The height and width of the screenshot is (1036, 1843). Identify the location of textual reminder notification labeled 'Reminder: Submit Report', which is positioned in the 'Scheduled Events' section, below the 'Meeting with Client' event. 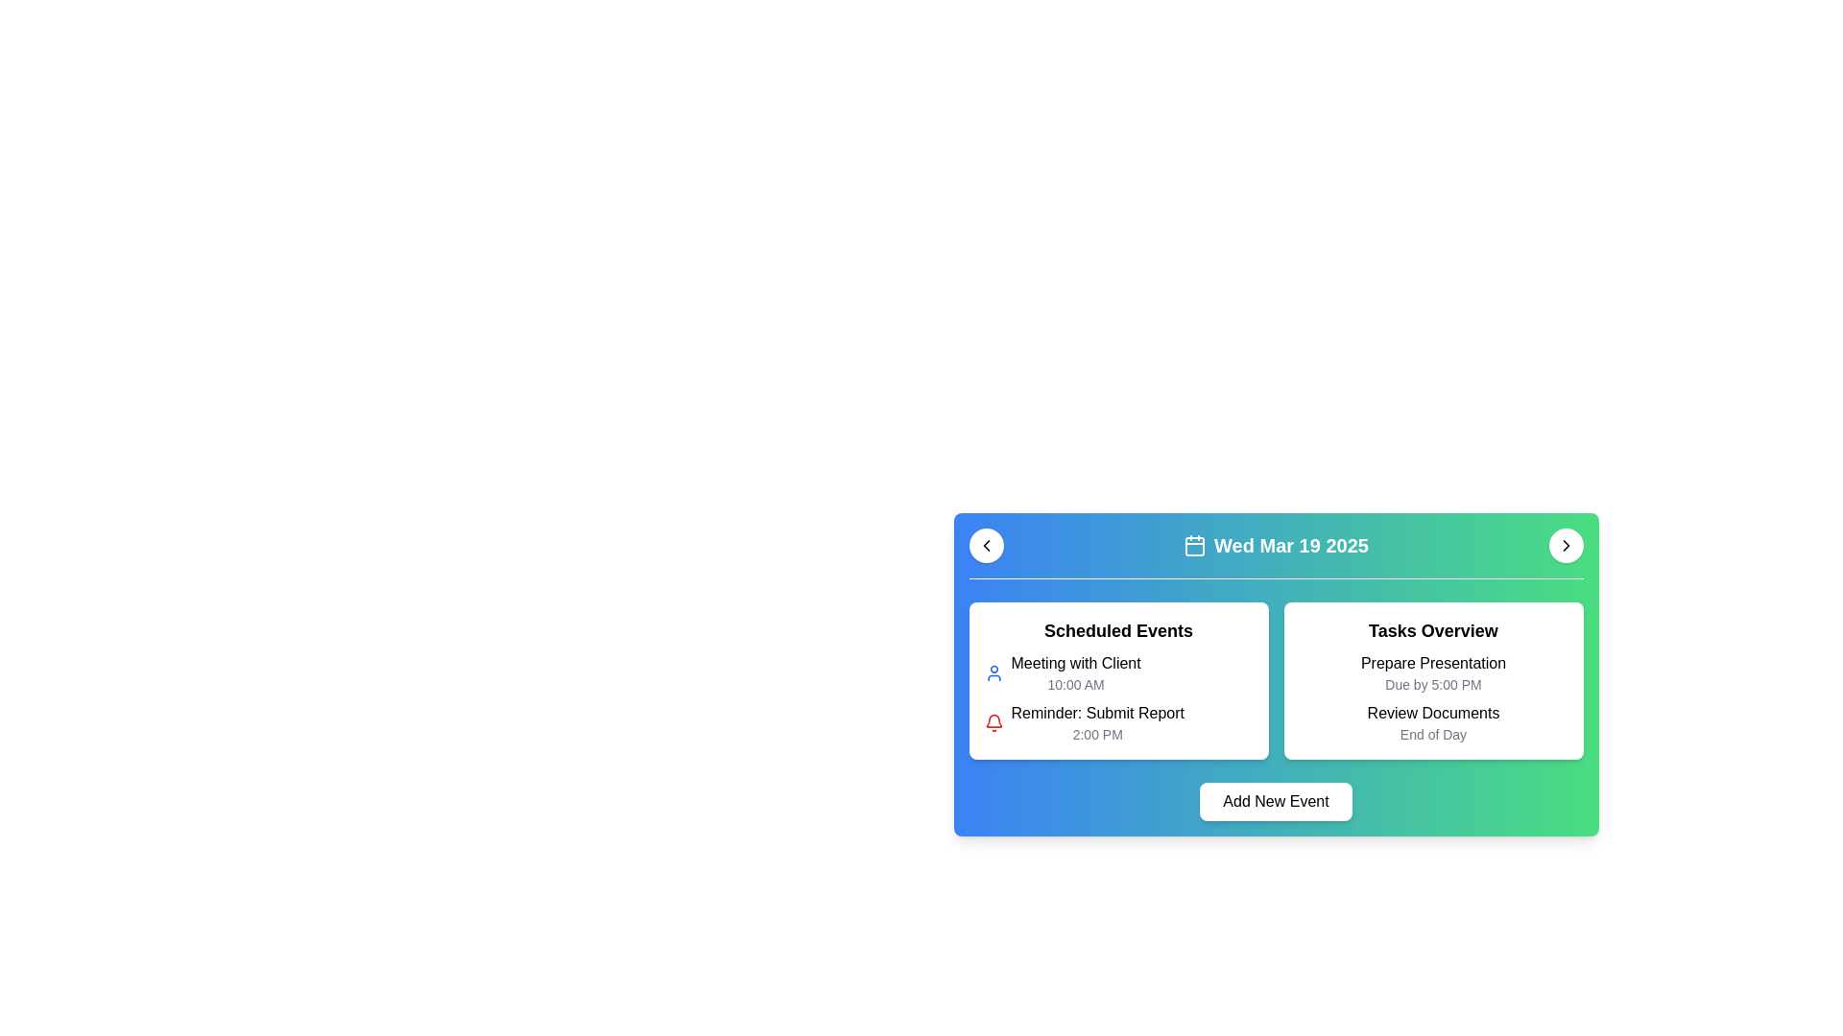
(1097, 714).